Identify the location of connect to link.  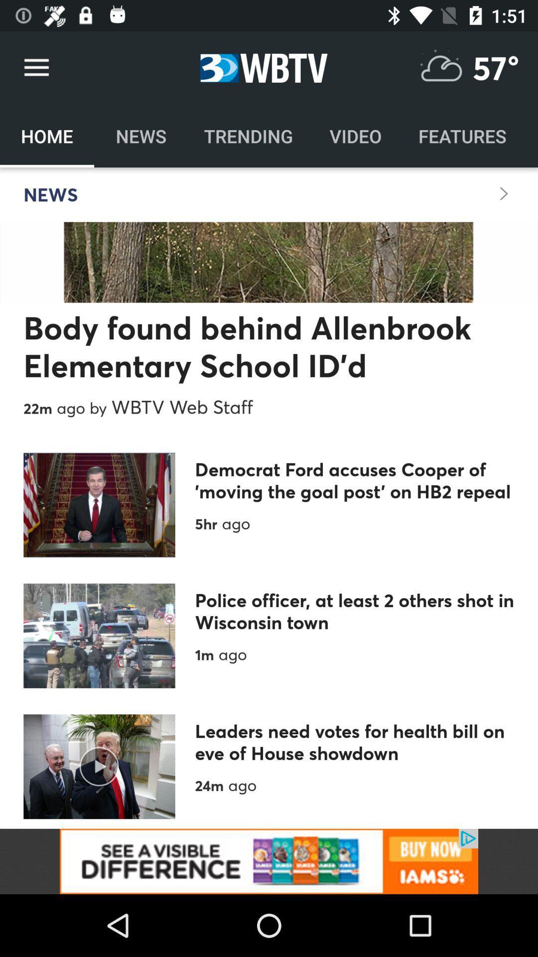
(269, 861).